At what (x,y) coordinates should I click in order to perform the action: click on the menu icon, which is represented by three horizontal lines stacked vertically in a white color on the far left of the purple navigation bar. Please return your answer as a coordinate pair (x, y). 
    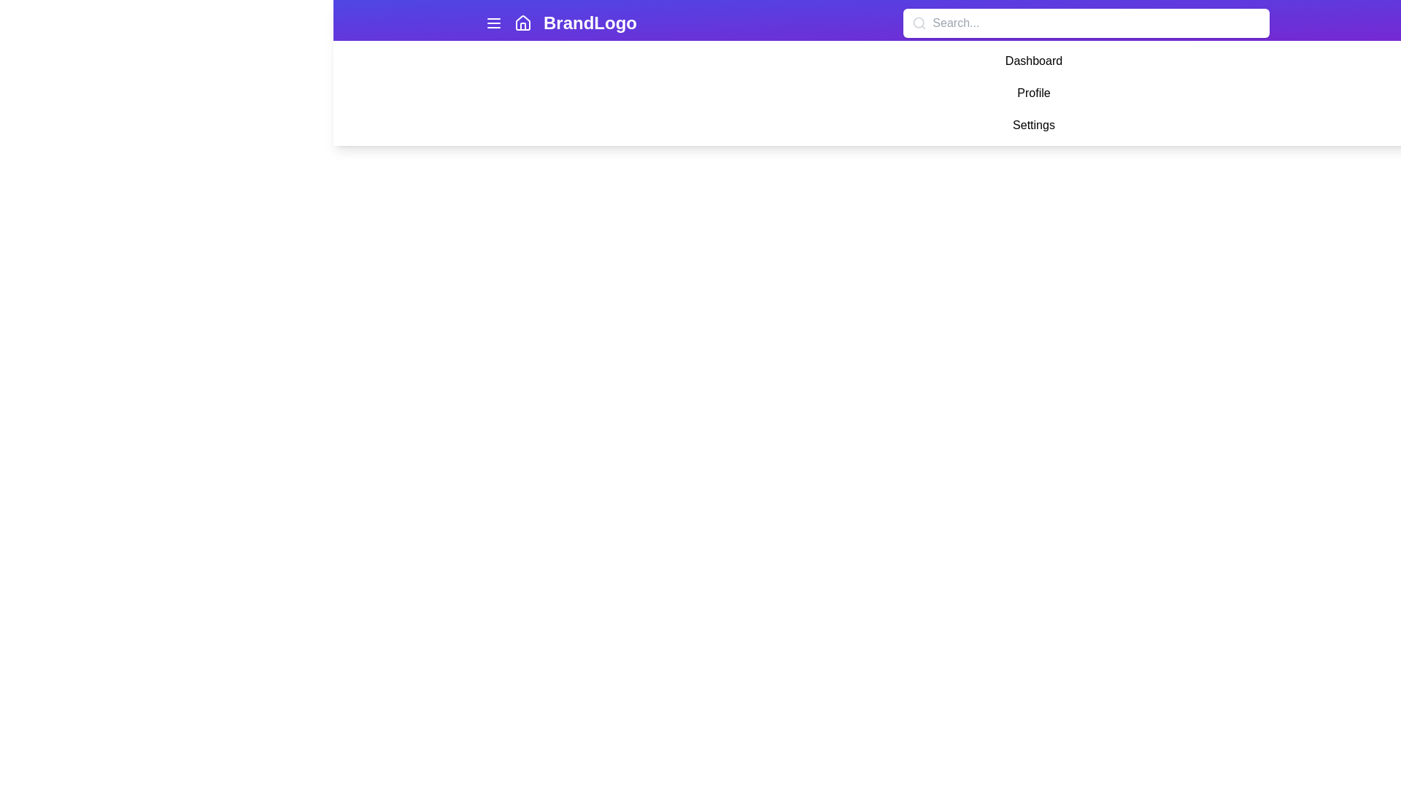
    Looking at the image, I should click on (493, 23).